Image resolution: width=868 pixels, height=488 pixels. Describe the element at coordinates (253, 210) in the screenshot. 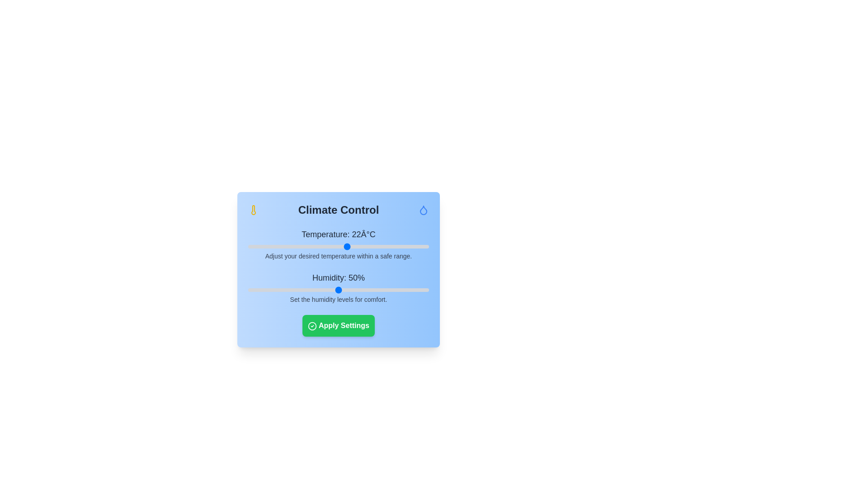

I see `the iconographic representation of a thermometer, which has a yellow outline and is located in the 'Climate Control' section of the interface` at that location.